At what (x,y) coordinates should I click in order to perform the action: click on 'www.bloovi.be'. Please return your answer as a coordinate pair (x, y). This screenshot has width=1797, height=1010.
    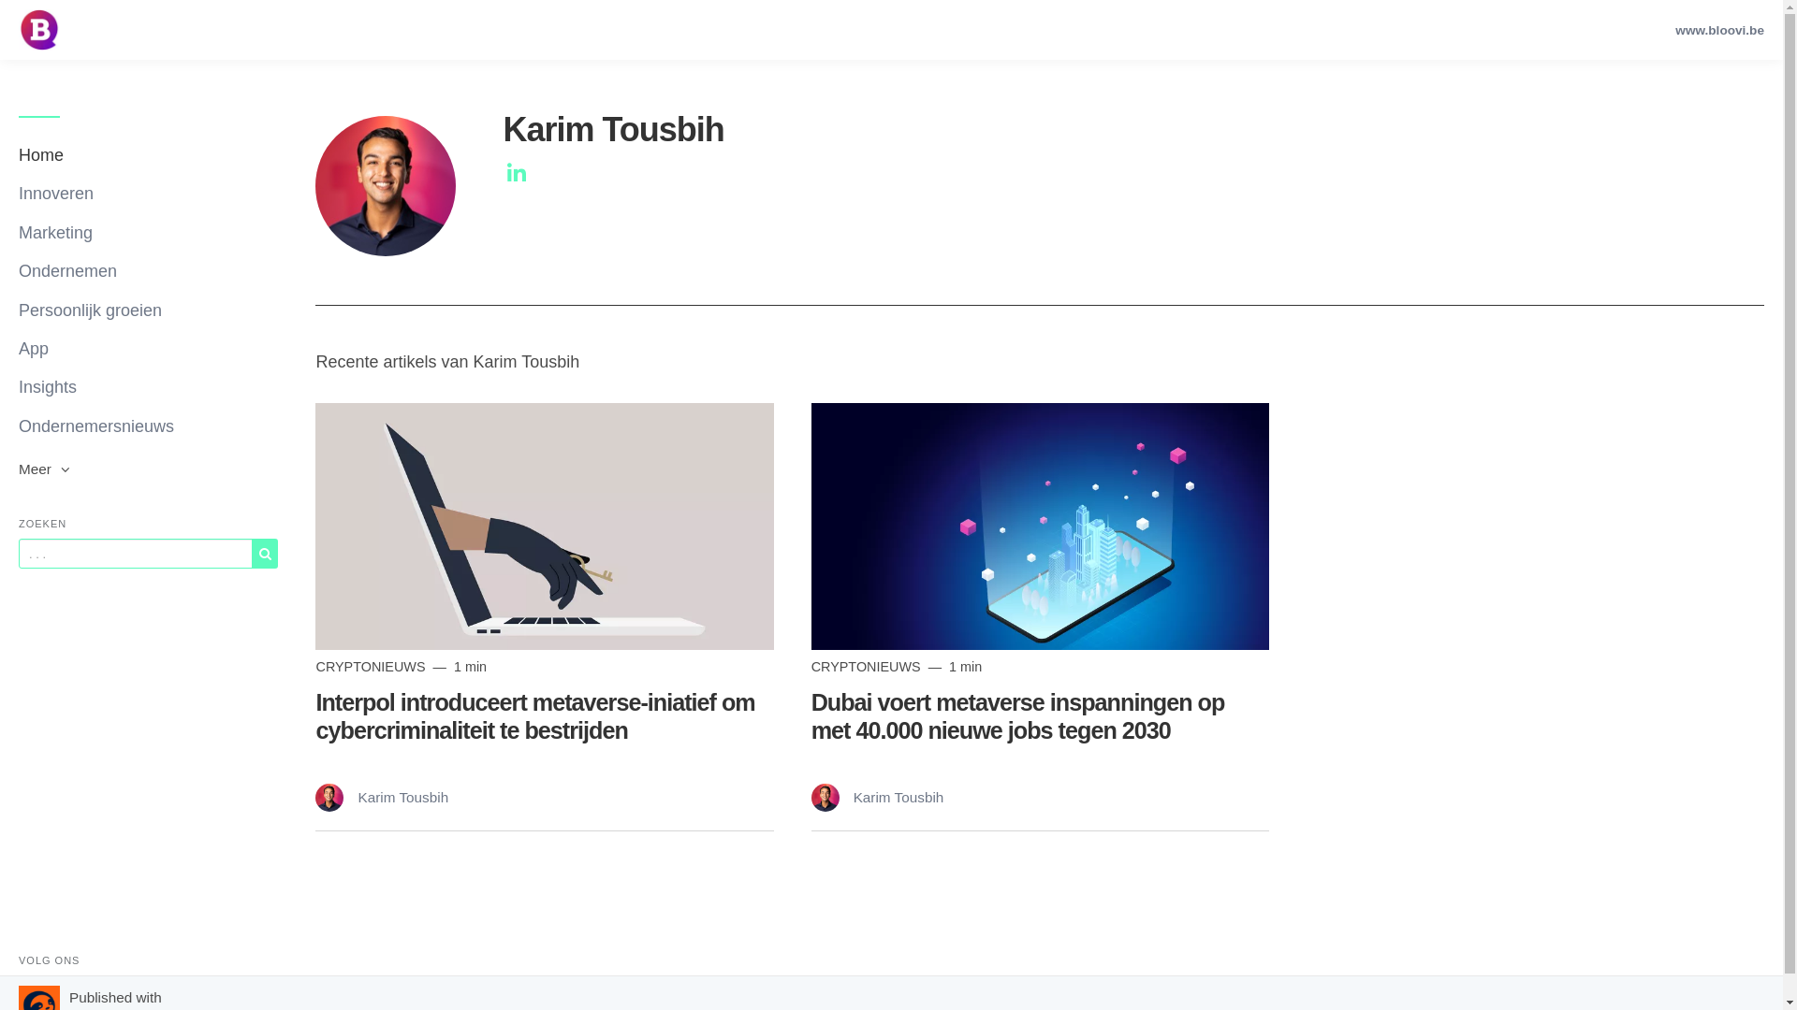
    Looking at the image, I should click on (1666, 29).